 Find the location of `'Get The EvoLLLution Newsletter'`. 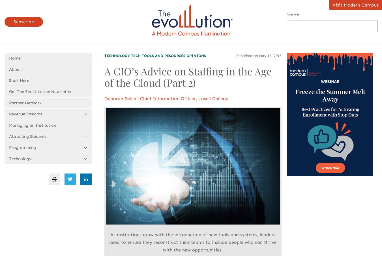

'Get The EvoLLLution Newsletter' is located at coordinates (40, 91).